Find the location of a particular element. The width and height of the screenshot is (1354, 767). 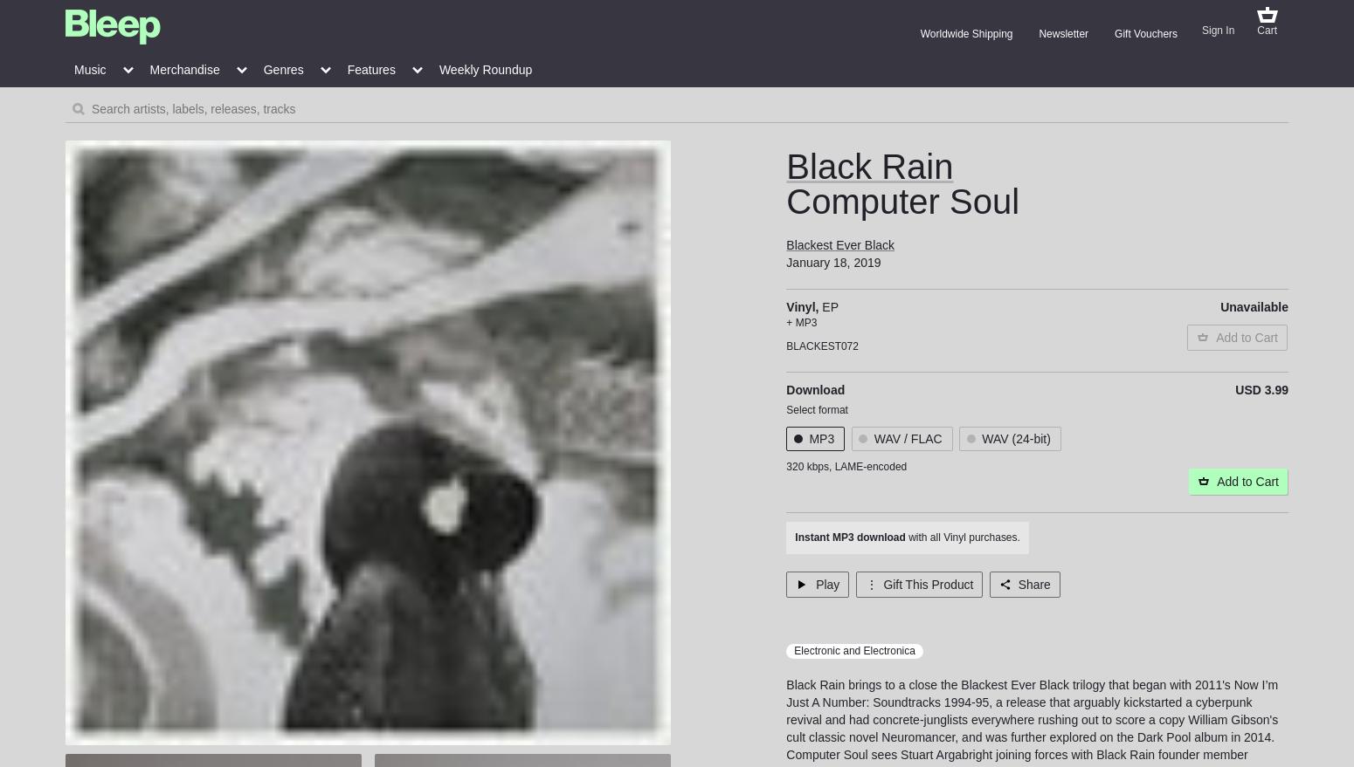

'Features' is located at coordinates (346, 69).